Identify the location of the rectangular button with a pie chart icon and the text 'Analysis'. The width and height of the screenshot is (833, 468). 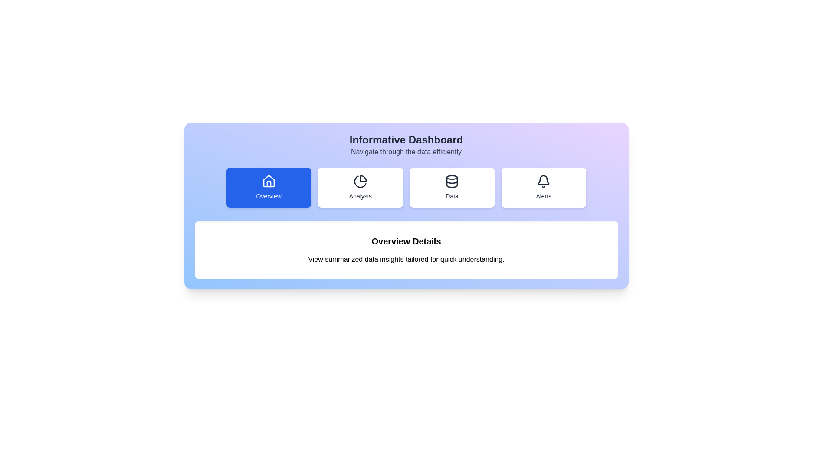
(360, 187).